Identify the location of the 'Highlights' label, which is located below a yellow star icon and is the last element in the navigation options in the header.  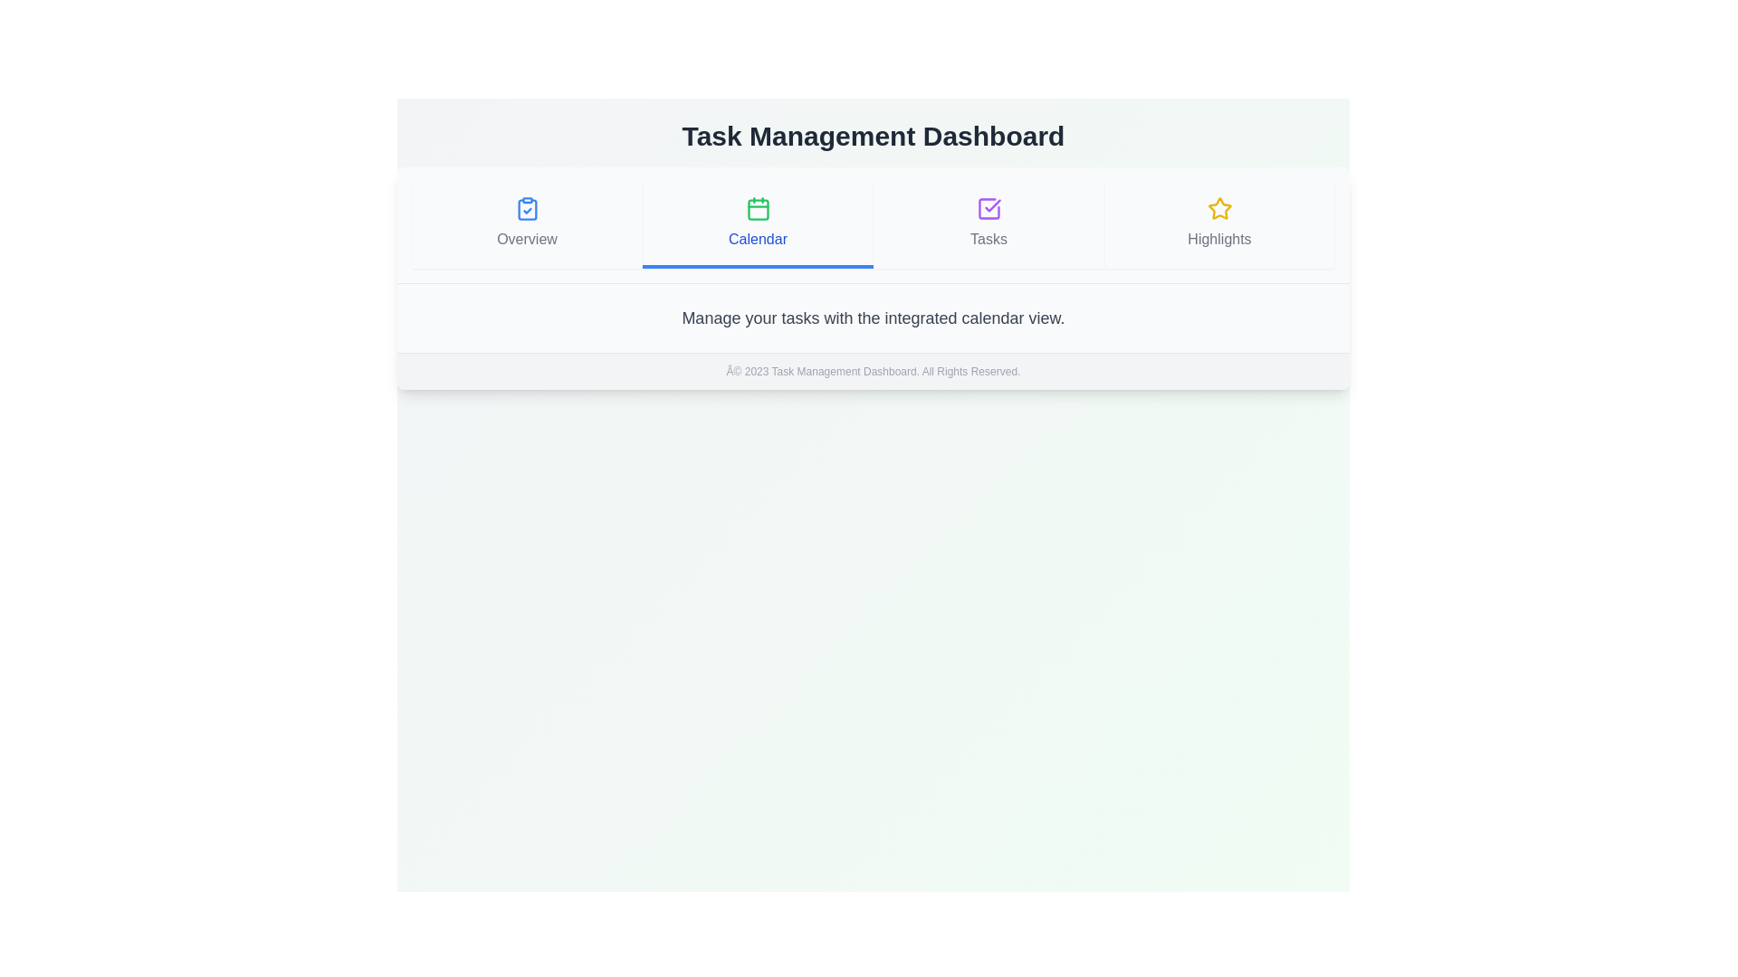
(1219, 239).